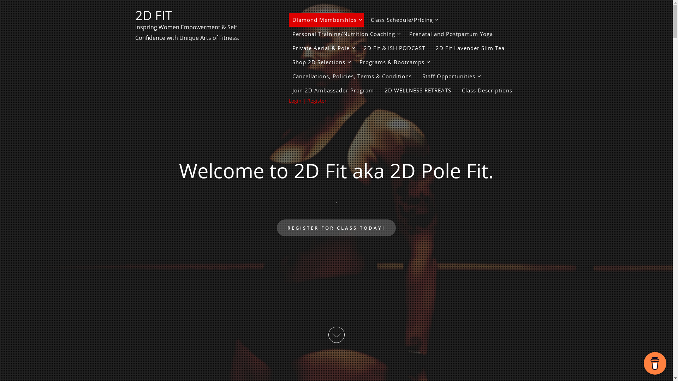 The width and height of the screenshot is (678, 381). What do you see at coordinates (289, 62) in the screenshot?
I see `'Shop 2D Selections'` at bounding box center [289, 62].